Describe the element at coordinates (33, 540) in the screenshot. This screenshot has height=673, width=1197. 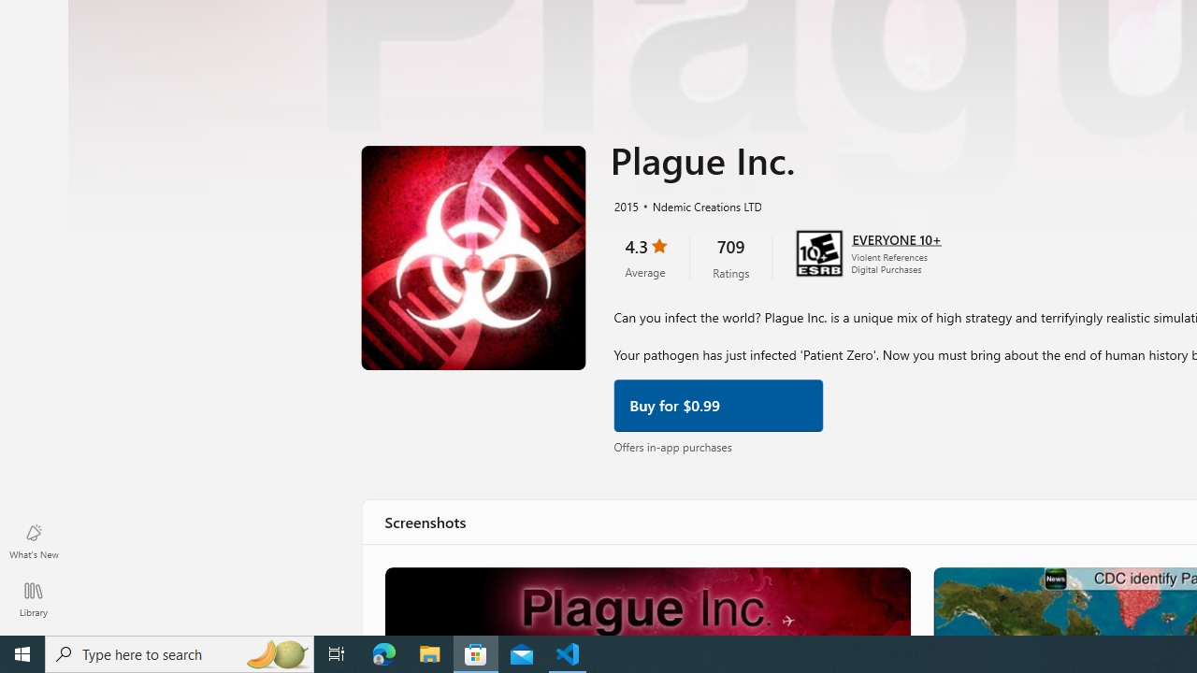
I see `'What'` at that location.